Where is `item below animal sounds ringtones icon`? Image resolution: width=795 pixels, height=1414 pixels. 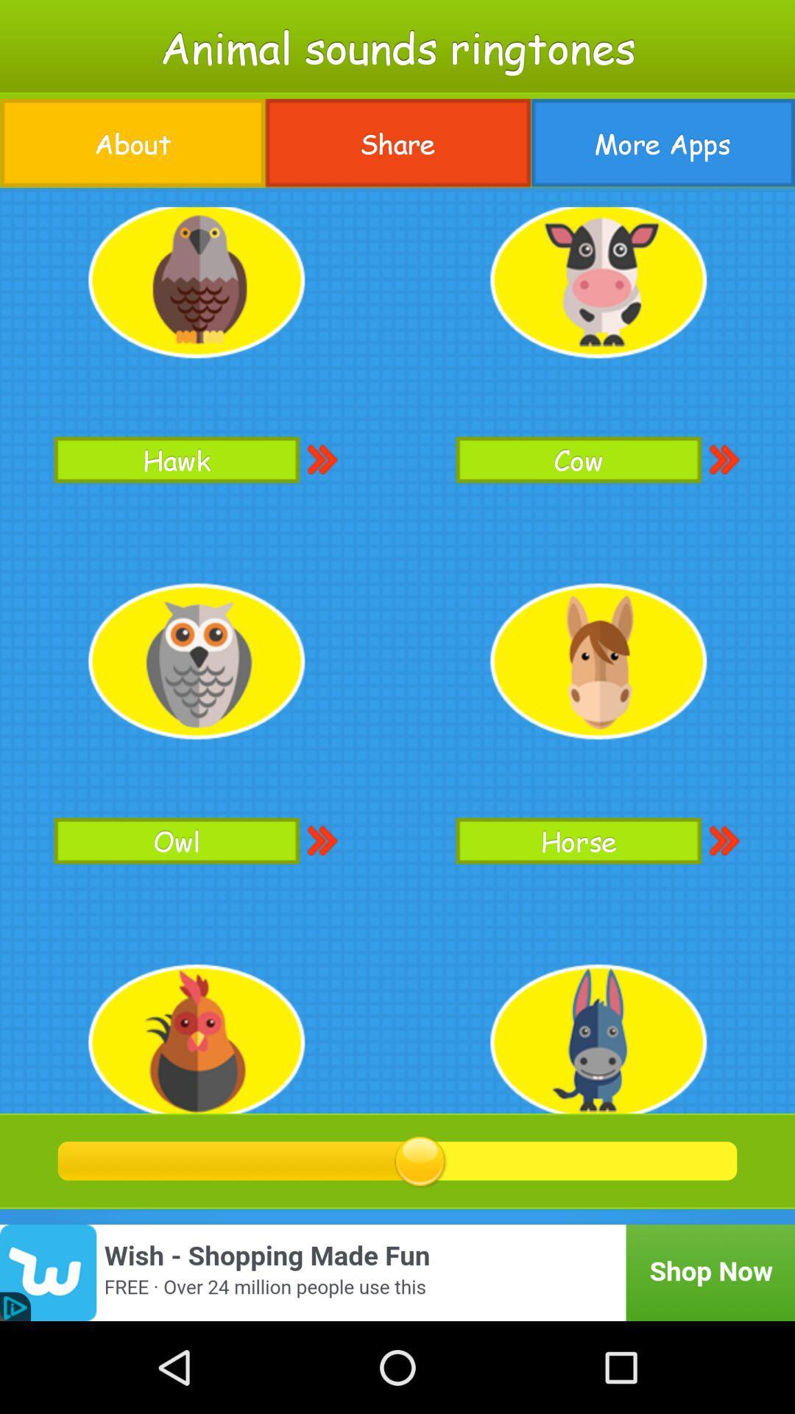 item below animal sounds ringtones icon is located at coordinates (132, 143).